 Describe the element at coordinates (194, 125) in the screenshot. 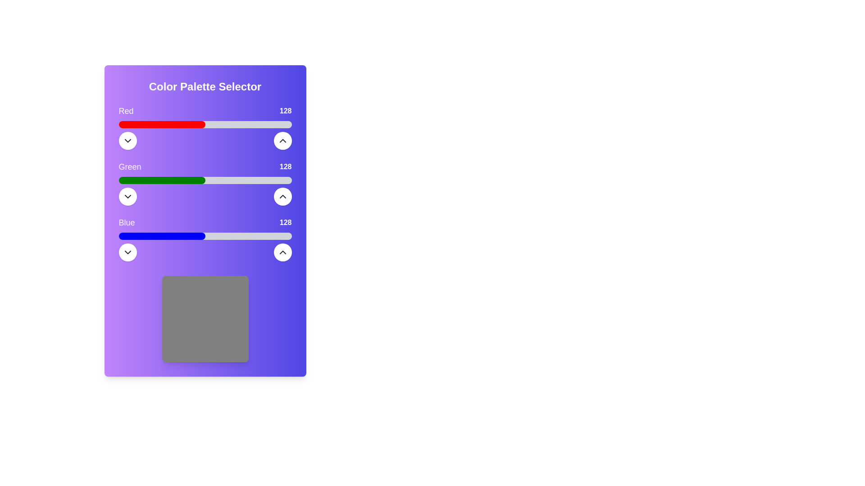

I see `the red intensity` at that location.